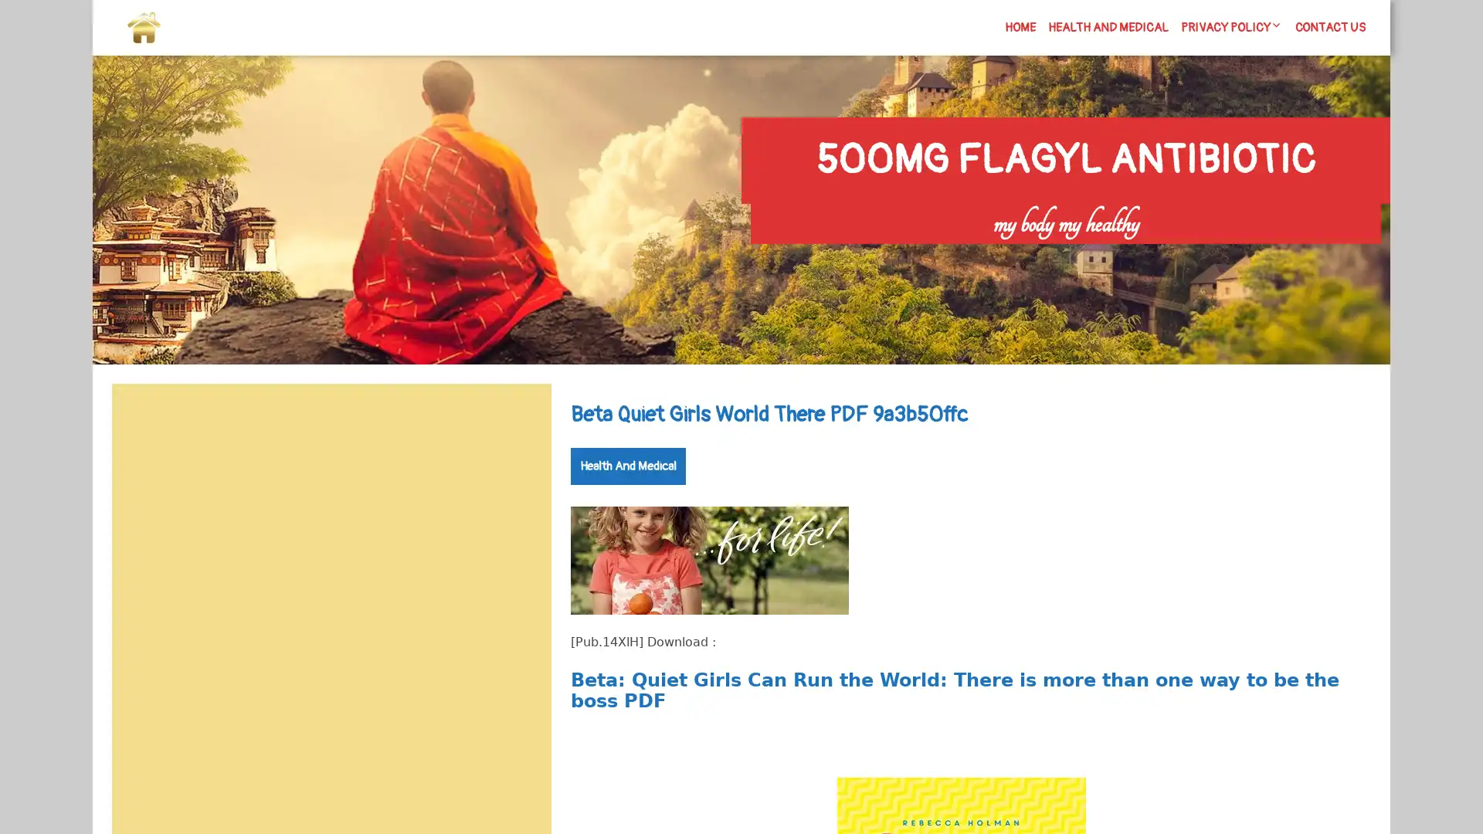 This screenshot has width=1483, height=834. What do you see at coordinates (515, 421) in the screenshot?
I see `Search` at bounding box center [515, 421].